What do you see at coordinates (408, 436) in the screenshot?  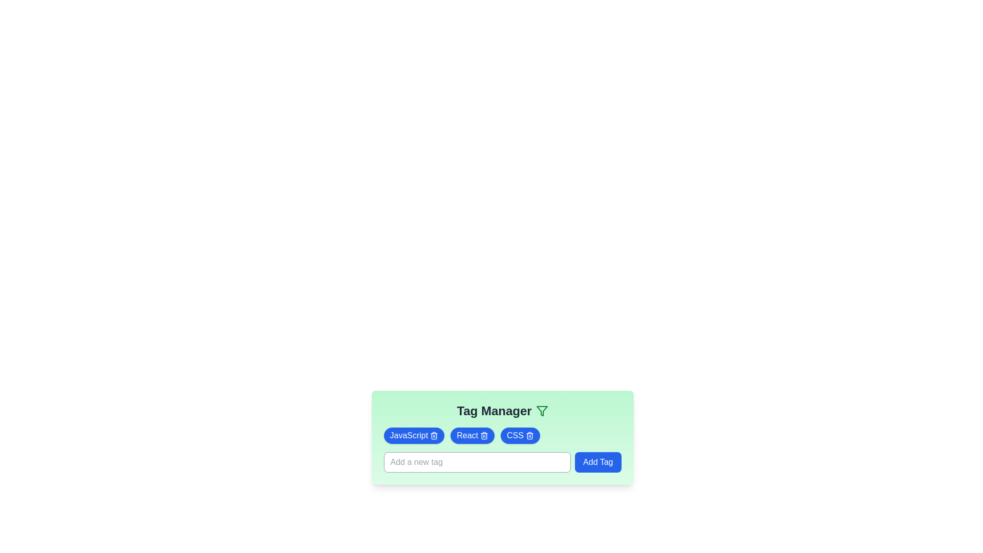 I see `the 'JavaScript' text label` at bounding box center [408, 436].